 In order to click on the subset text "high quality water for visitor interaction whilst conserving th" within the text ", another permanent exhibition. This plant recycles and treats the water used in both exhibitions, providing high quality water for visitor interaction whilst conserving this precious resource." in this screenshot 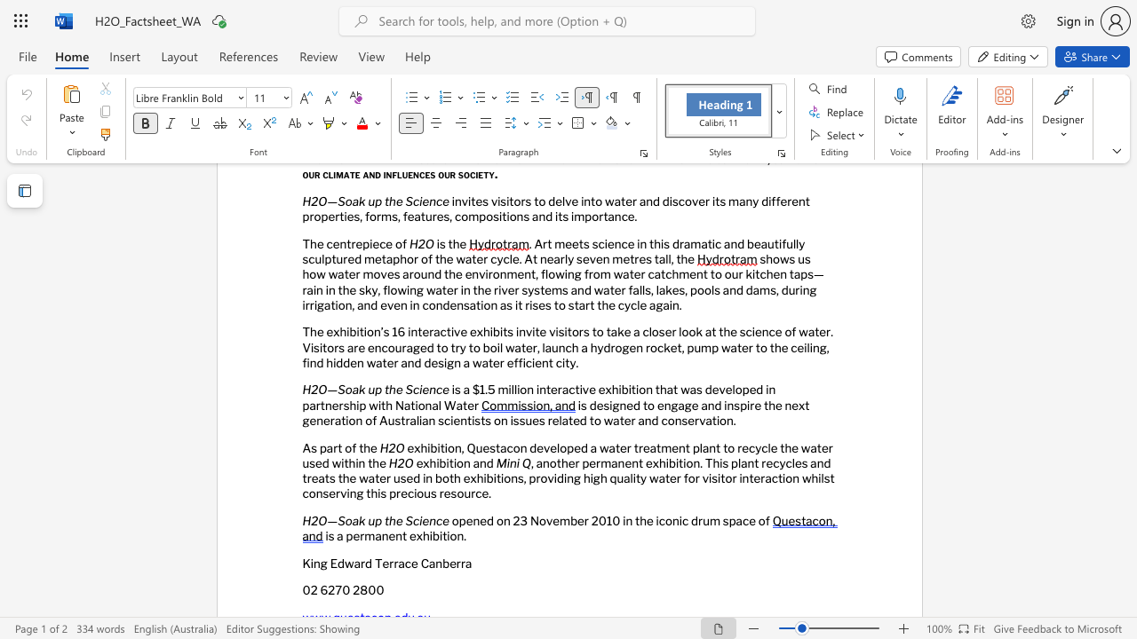, I will do `click(583, 477)`.